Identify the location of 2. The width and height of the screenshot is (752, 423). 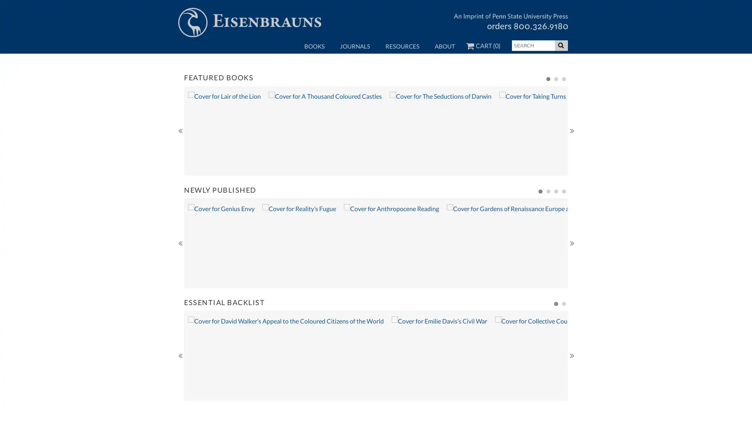
(556, 80).